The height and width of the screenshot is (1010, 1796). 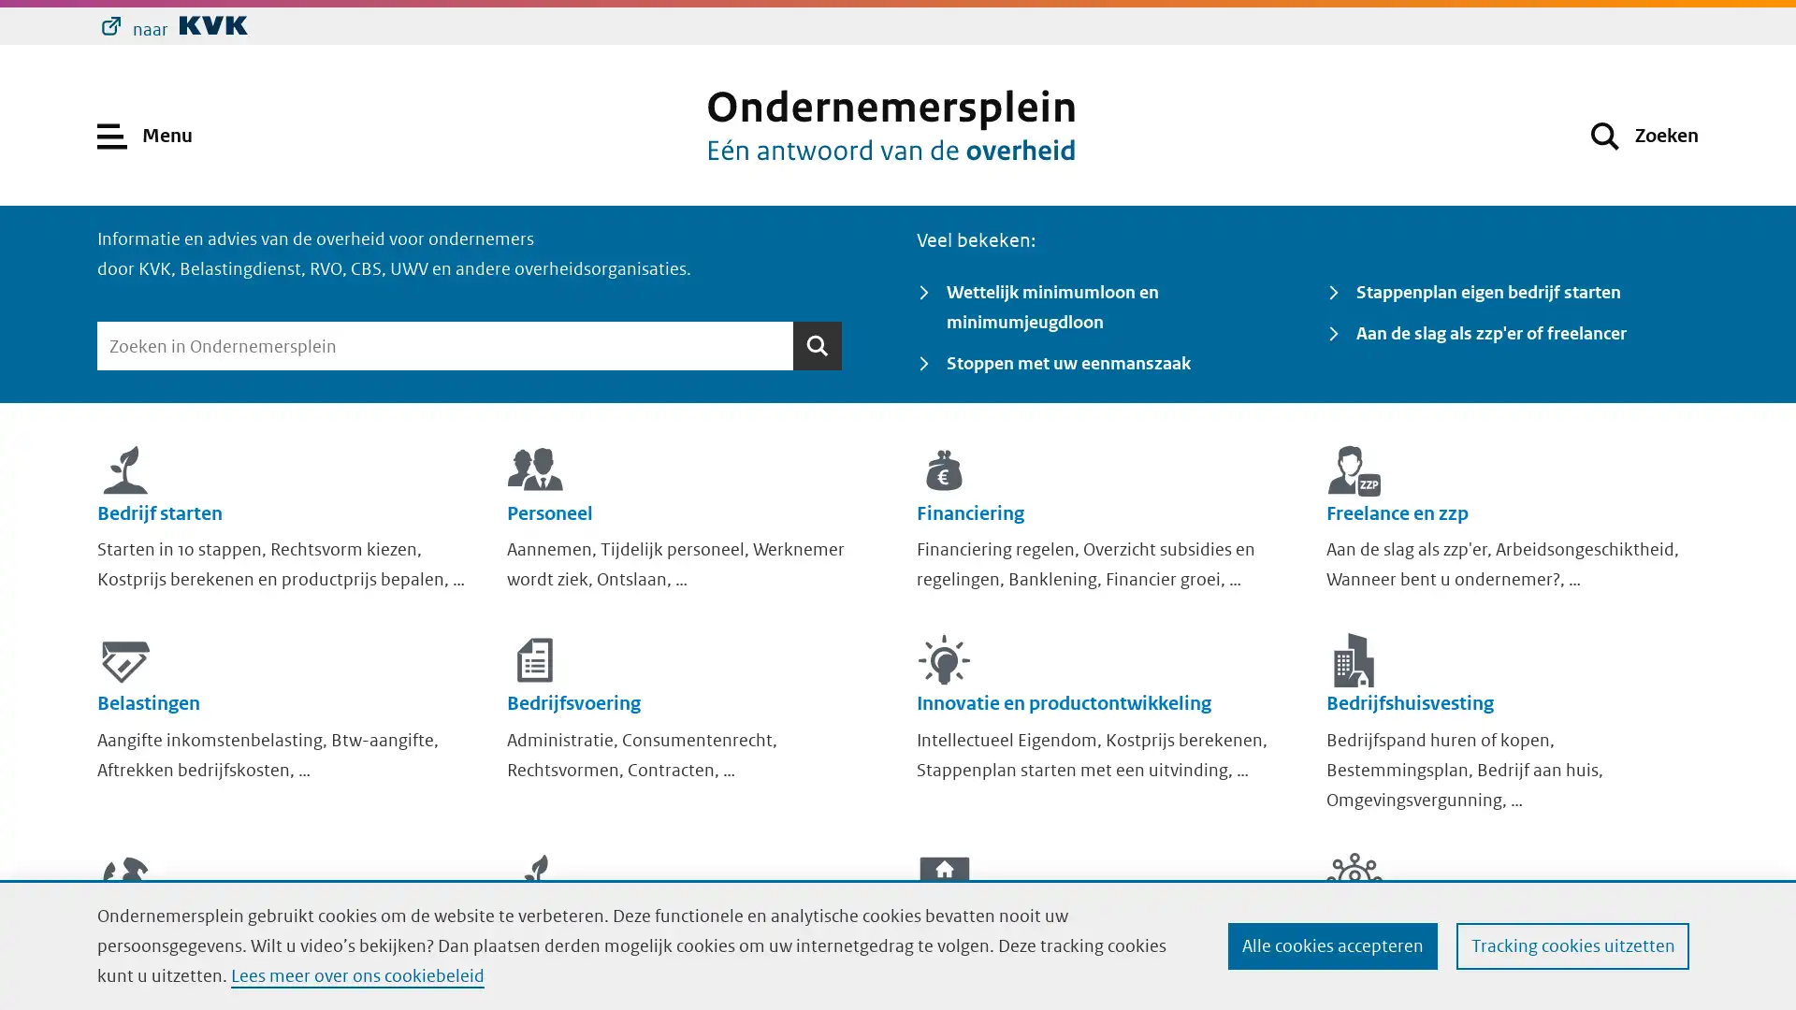 I want to click on Alle cookies accepteren, so click(x=1332, y=945).